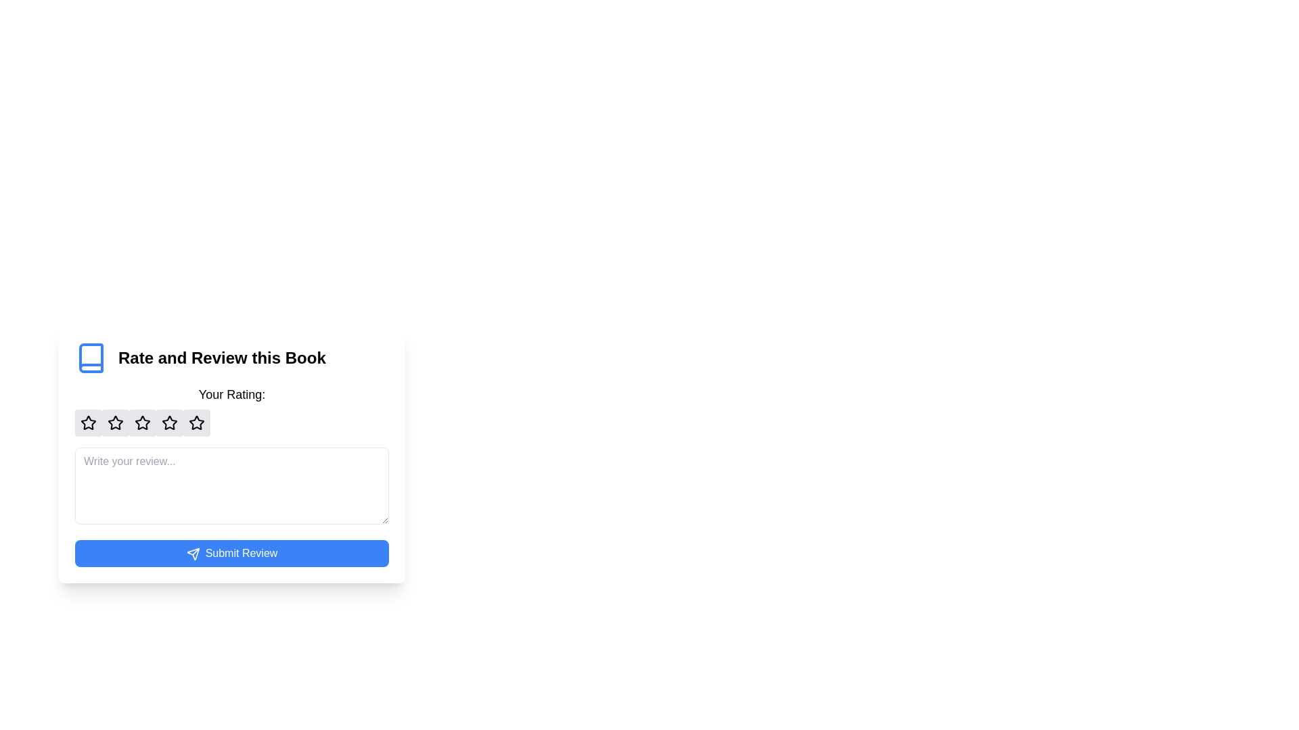 The height and width of the screenshot is (730, 1299). Describe the element at coordinates (143, 422) in the screenshot. I see `the second star-shaped icon from the left in the rating system` at that location.